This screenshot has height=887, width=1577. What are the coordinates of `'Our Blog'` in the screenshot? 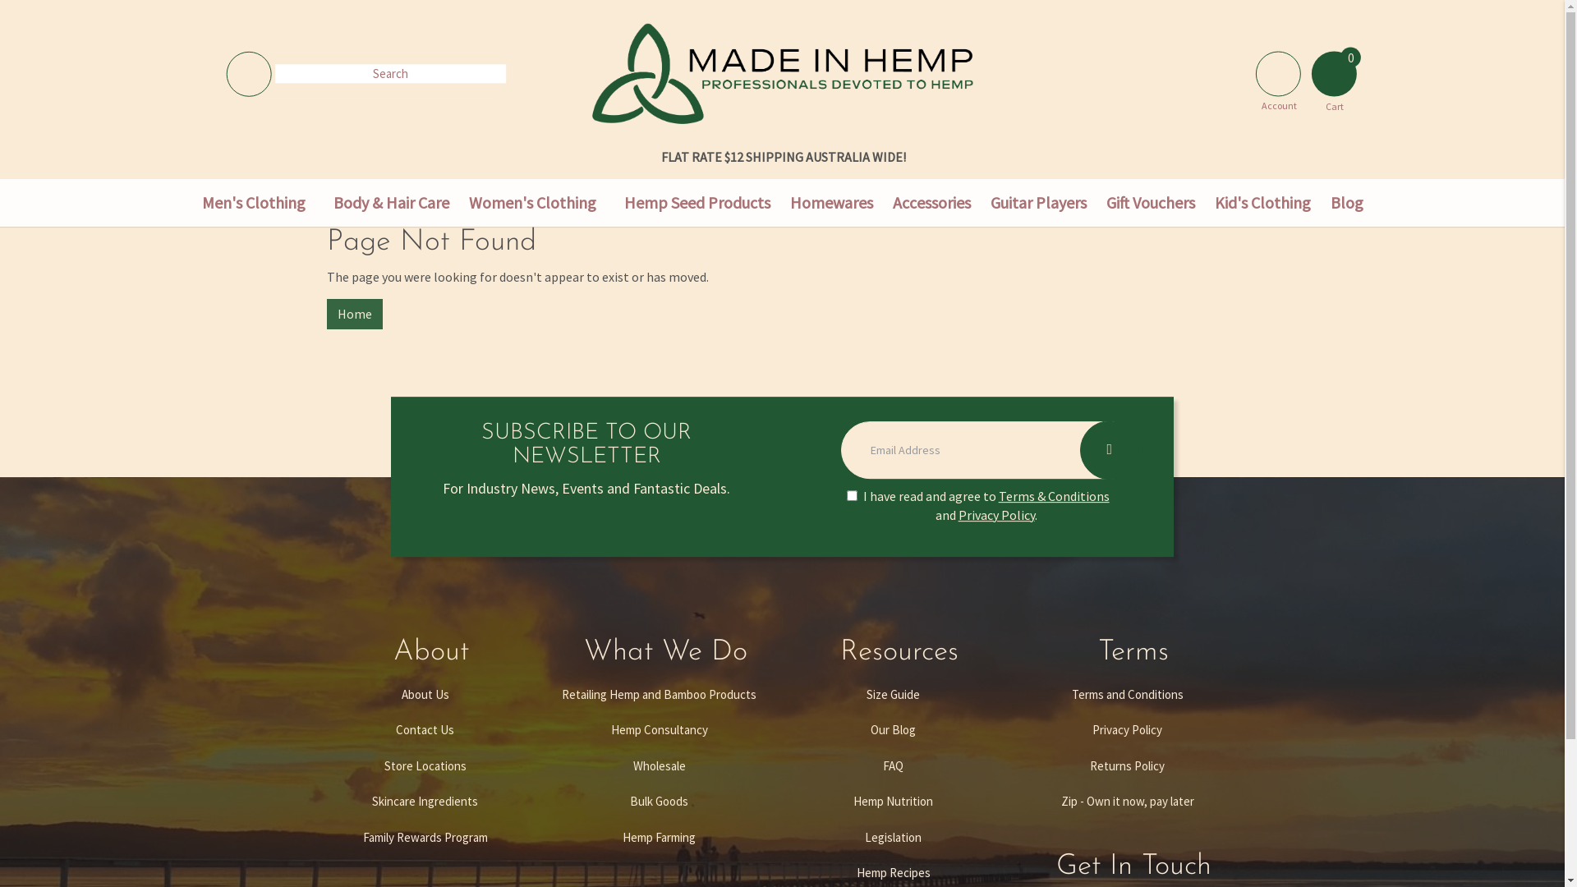 It's located at (891, 728).